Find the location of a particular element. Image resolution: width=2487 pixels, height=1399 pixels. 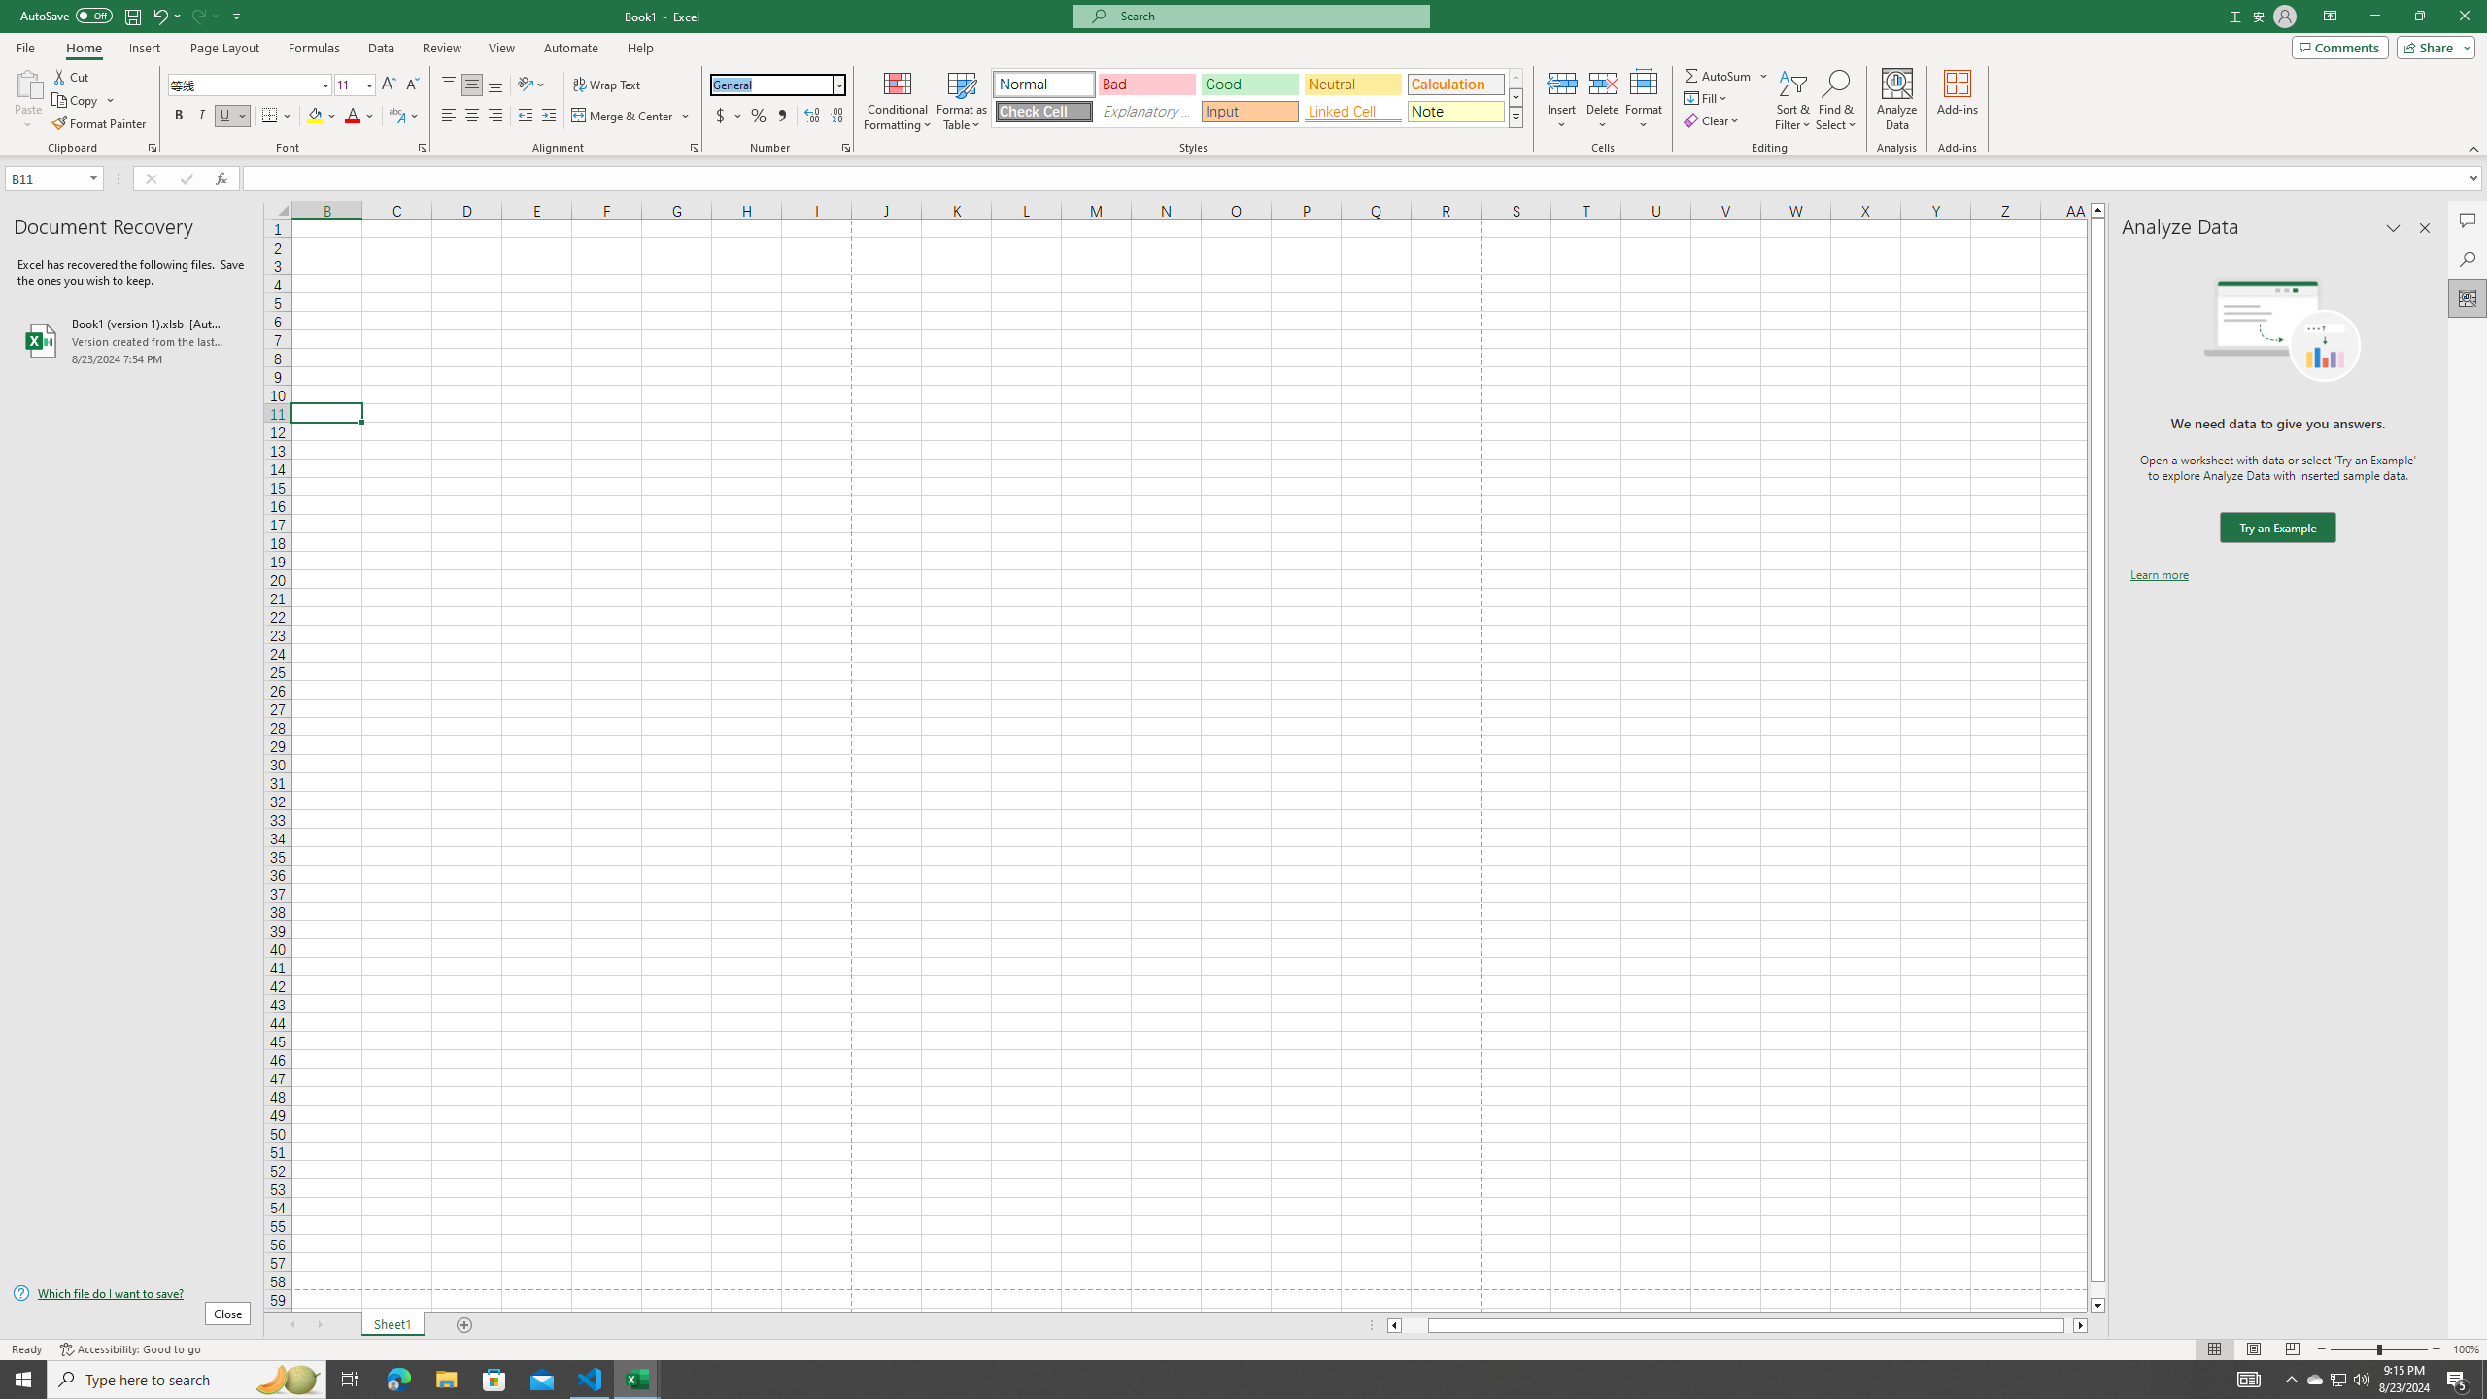

'Paste' is located at coordinates (27, 82).